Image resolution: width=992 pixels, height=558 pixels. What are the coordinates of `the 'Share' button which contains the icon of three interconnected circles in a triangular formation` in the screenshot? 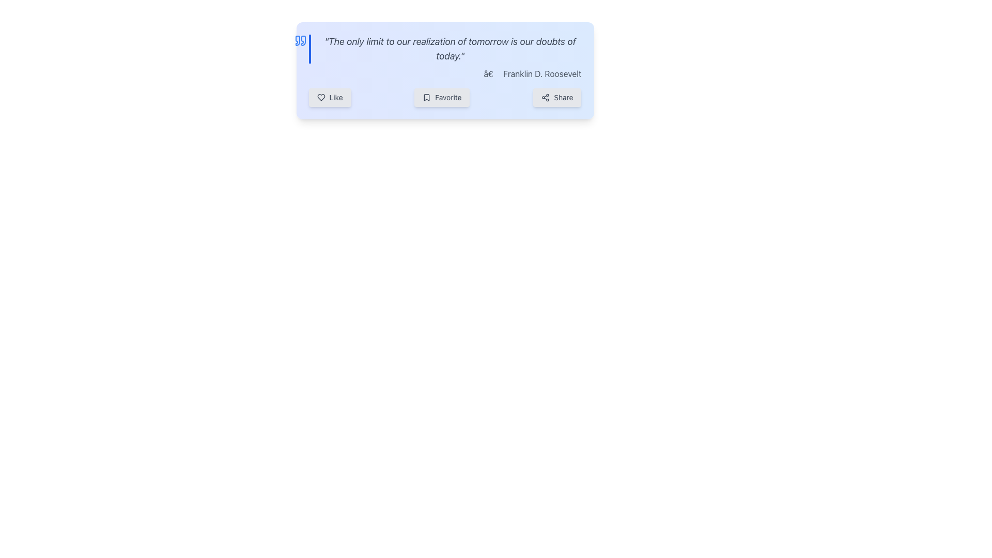 It's located at (545, 98).